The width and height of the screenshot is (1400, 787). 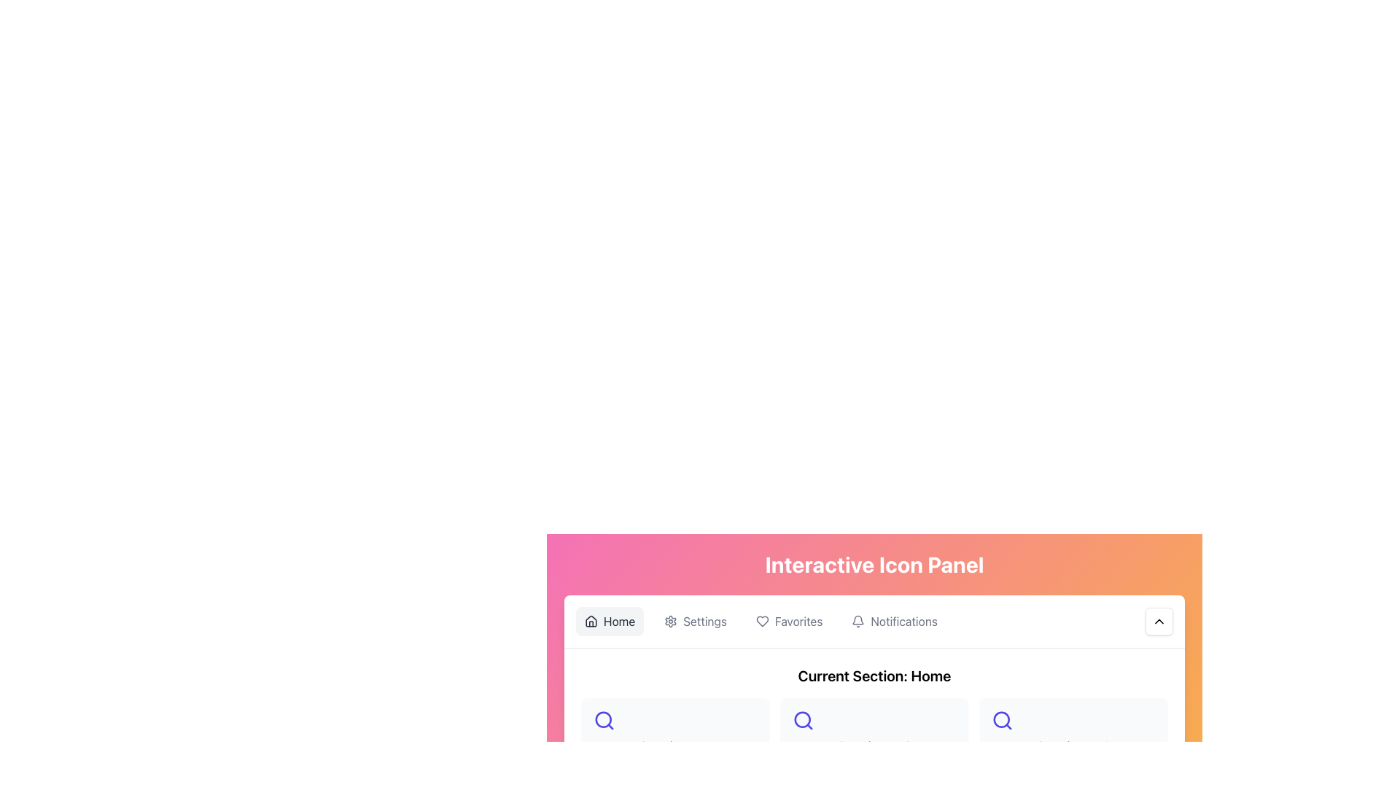 What do you see at coordinates (858, 621) in the screenshot?
I see `the bell icon representing notifications, located on the navigation bar to the left of the 'Notifications' text` at bounding box center [858, 621].